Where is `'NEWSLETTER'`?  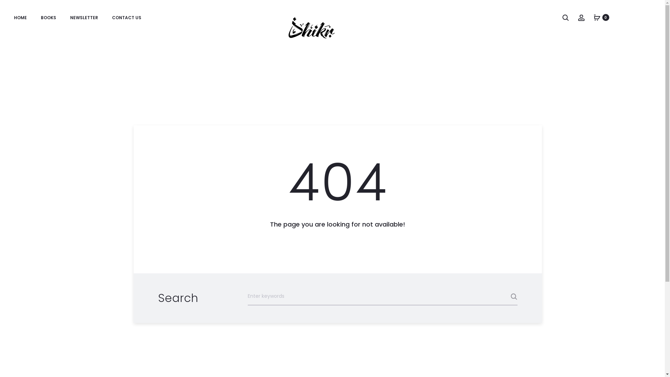
'NEWSLETTER' is located at coordinates (84, 17).